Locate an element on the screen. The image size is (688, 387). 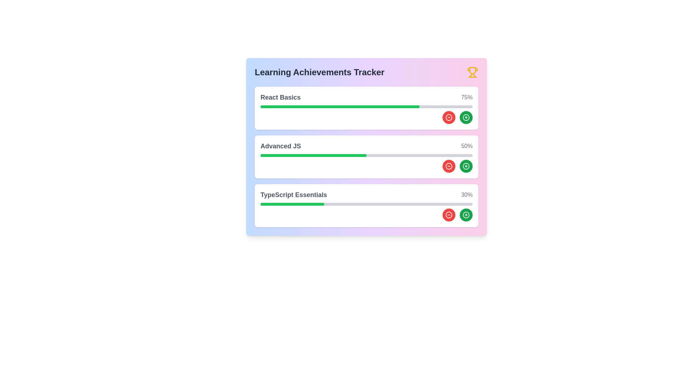
the green circular button with a white plus sign located in the last achievement block, positioned towards the right-hand side adjacent to a red circular icon is located at coordinates (466, 117).